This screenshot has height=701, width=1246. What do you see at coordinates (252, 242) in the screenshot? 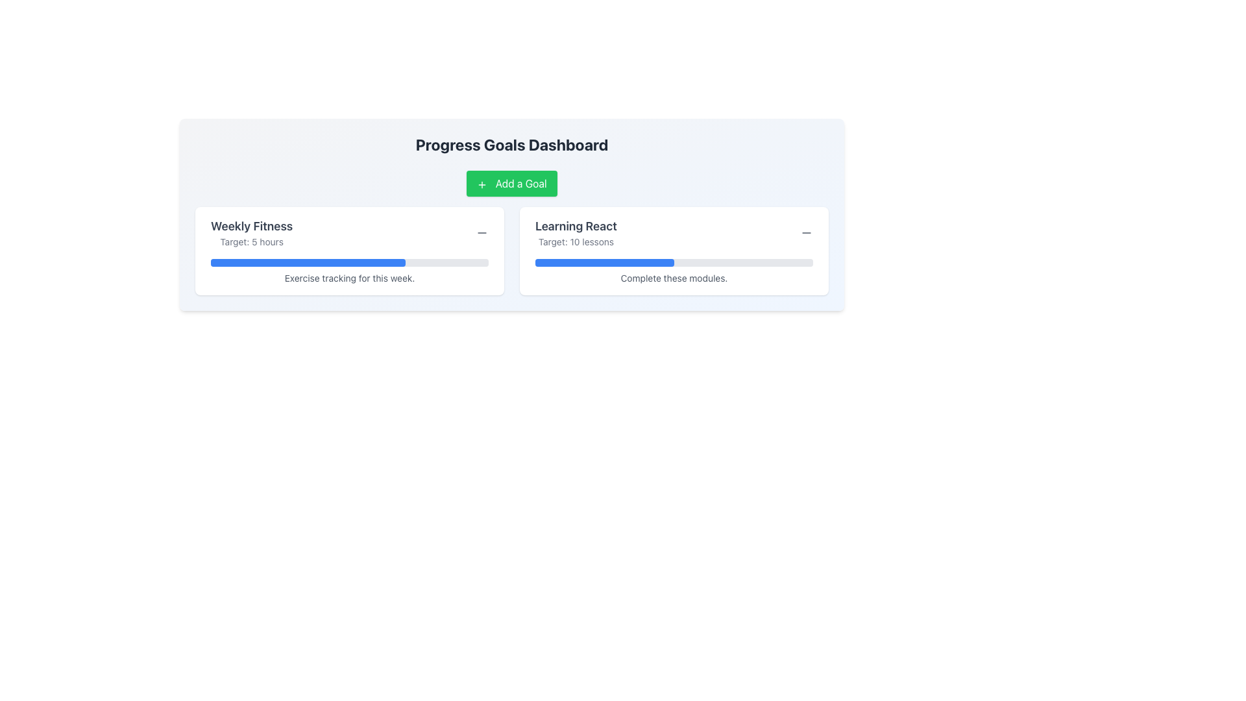
I see `the Static Text Label displaying 'Target: 5 hours', which is located below the 'Weekly Fitness' heading in the upper left quarter of the interface` at bounding box center [252, 242].